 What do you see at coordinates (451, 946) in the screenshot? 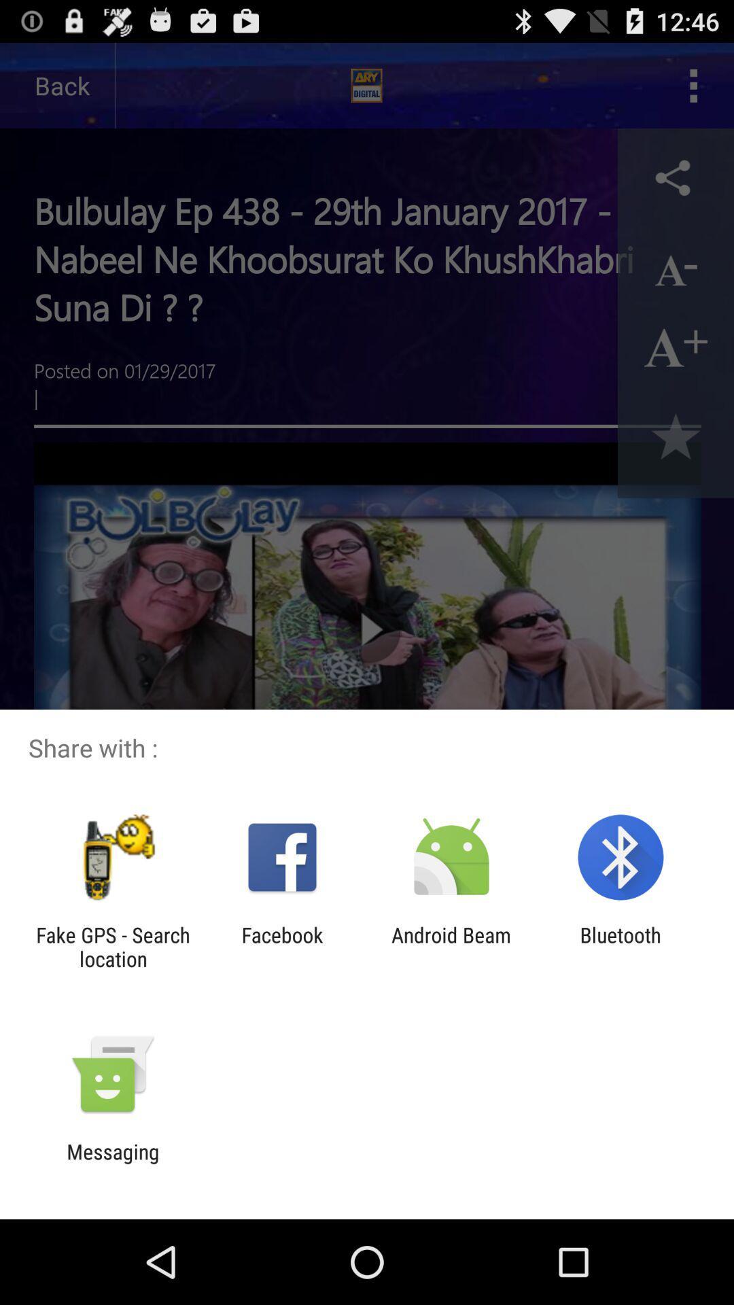
I see `the android beam app` at bounding box center [451, 946].